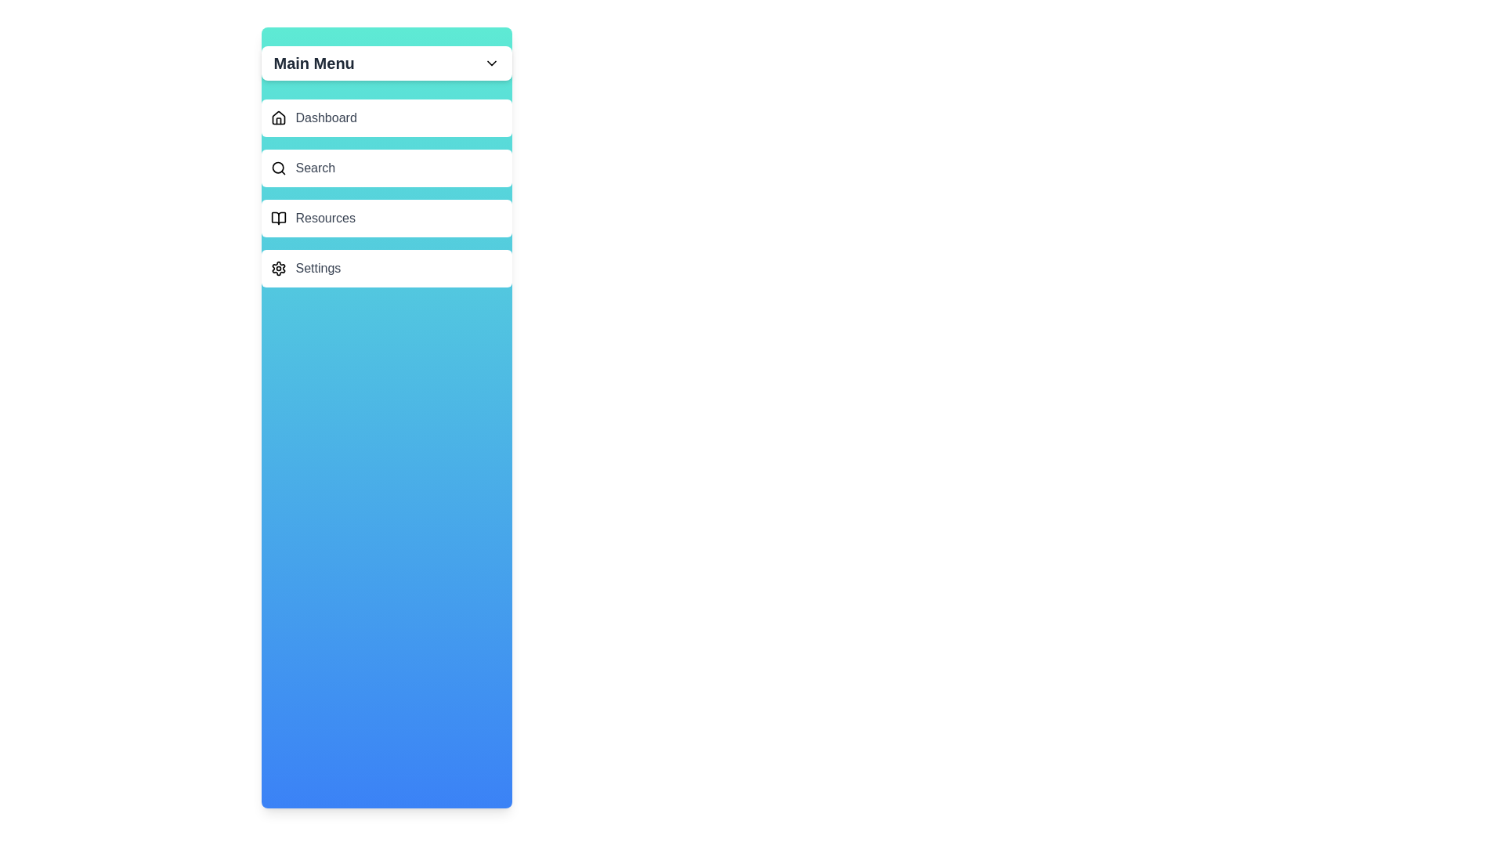  What do you see at coordinates (386, 168) in the screenshot?
I see `the menu item labeled Search` at bounding box center [386, 168].